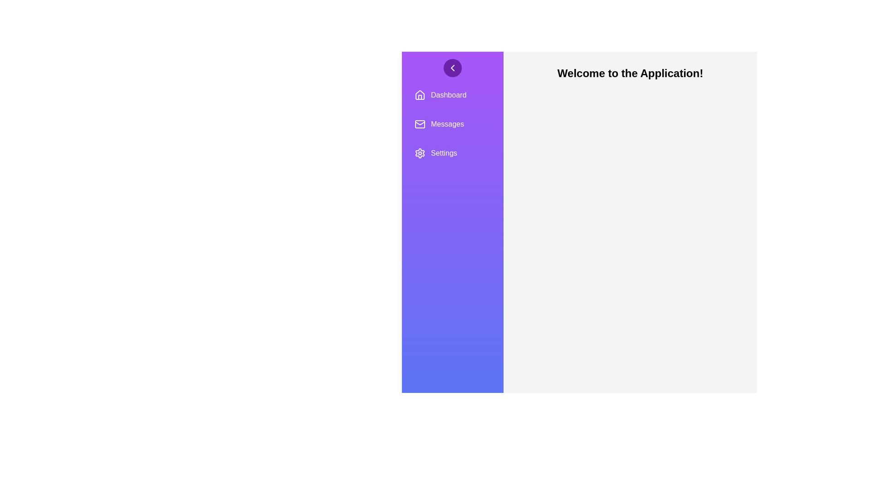  What do you see at coordinates (453, 95) in the screenshot?
I see `the 'Dashboard' button located at the top of the vertical navigation menu on the left sidebar, which has a purple background and contains a house icon next to the text` at bounding box center [453, 95].